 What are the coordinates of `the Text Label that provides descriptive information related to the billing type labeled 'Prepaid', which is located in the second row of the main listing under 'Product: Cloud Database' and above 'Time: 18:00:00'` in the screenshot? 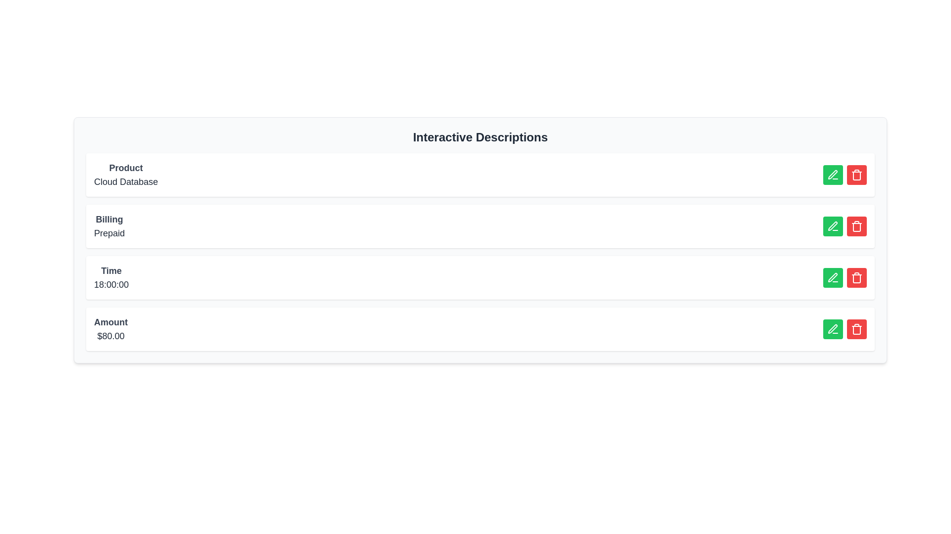 It's located at (109, 226).